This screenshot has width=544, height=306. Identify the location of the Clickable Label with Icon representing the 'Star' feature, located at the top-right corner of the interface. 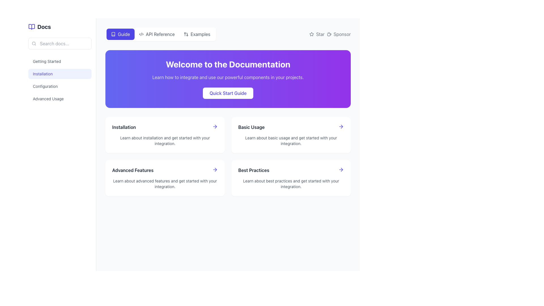
(316, 34).